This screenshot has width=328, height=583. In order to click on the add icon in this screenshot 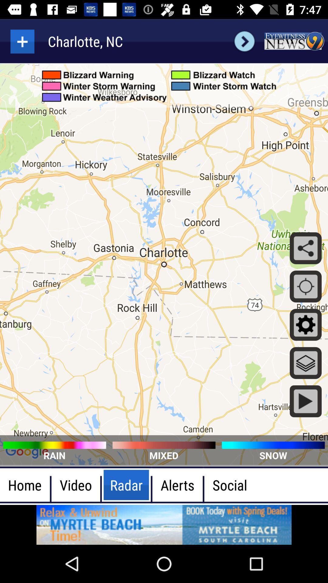, I will do `click(22, 41)`.